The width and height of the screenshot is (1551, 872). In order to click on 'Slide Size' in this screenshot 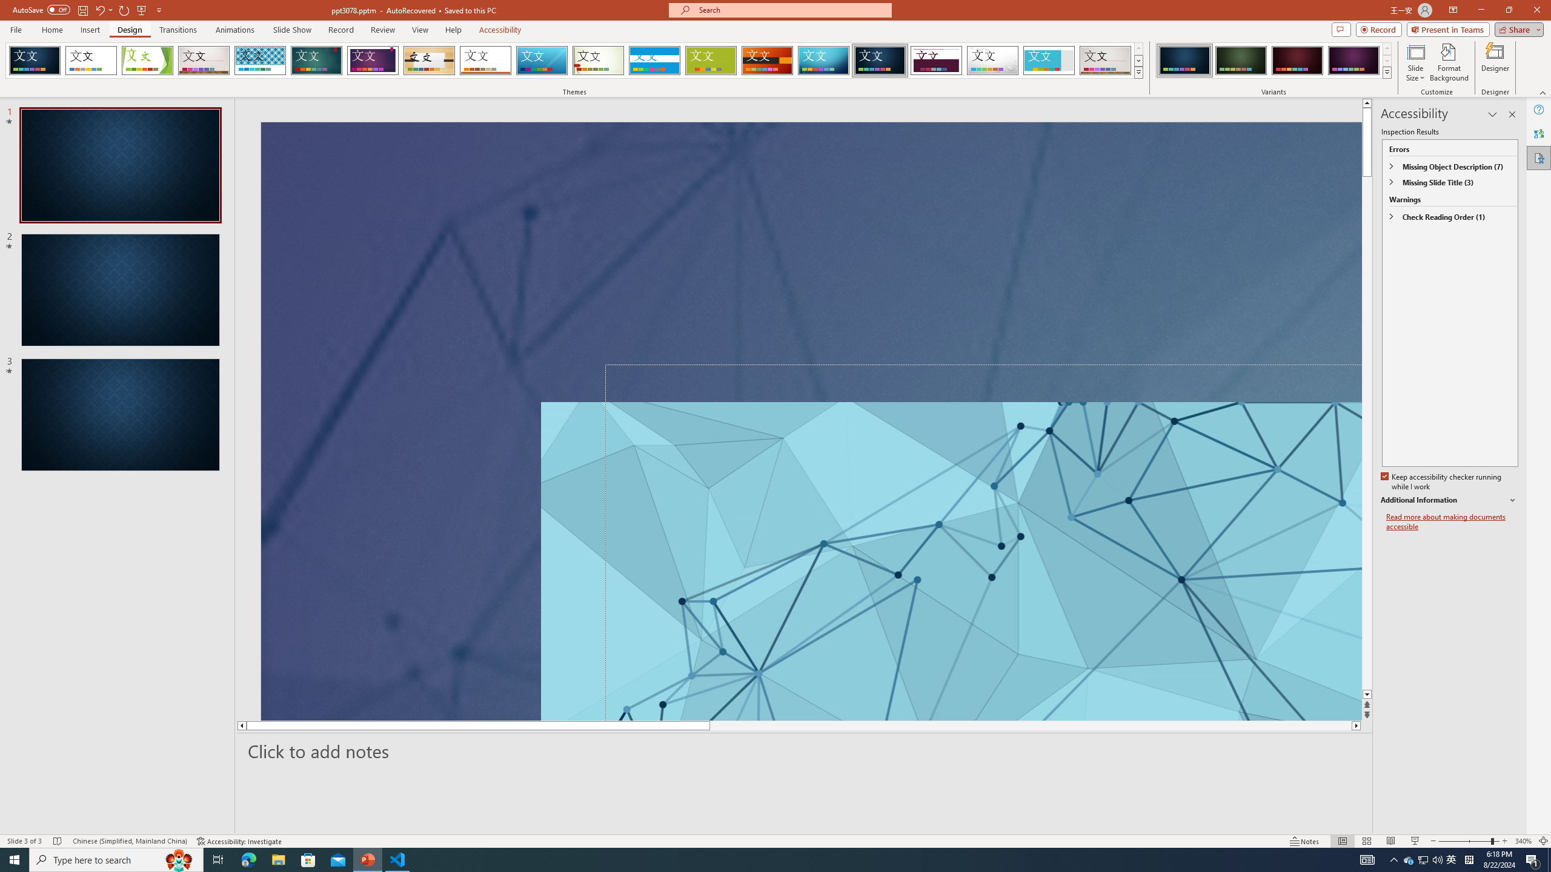, I will do `click(1415, 62)`.